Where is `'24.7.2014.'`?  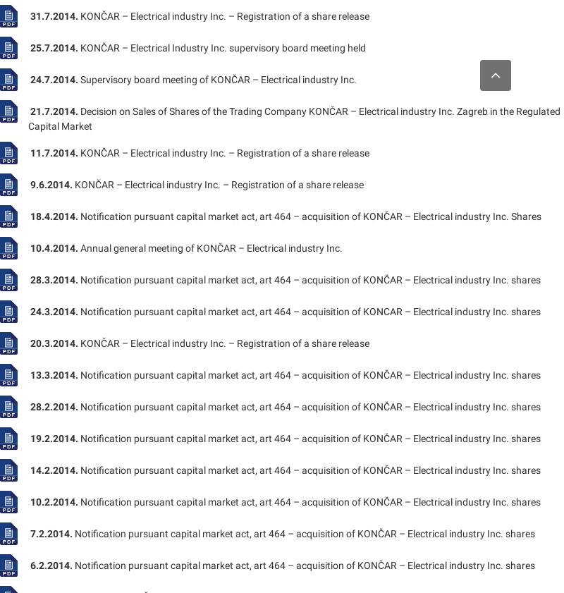 '24.7.2014.' is located at coordinates (54, 78).